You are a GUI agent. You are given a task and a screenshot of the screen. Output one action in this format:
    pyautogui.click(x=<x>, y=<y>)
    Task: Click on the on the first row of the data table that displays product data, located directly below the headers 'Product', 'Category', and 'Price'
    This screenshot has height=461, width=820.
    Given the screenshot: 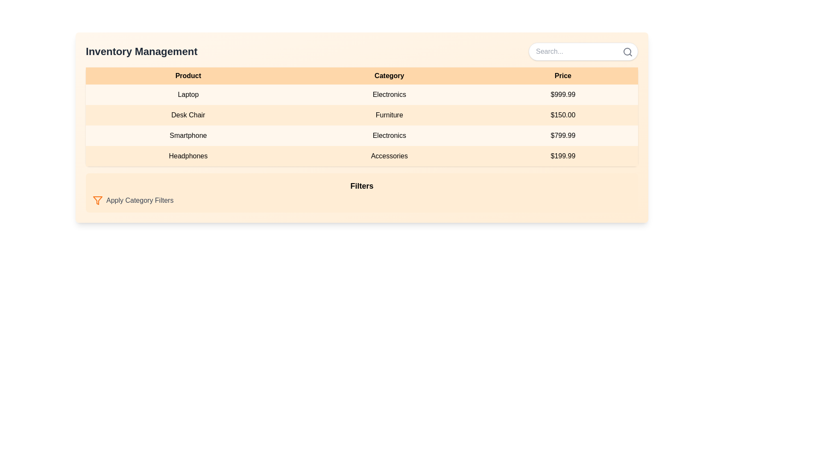 What is the action you would take?
    pyautogui.click(x=362, y=95)
    